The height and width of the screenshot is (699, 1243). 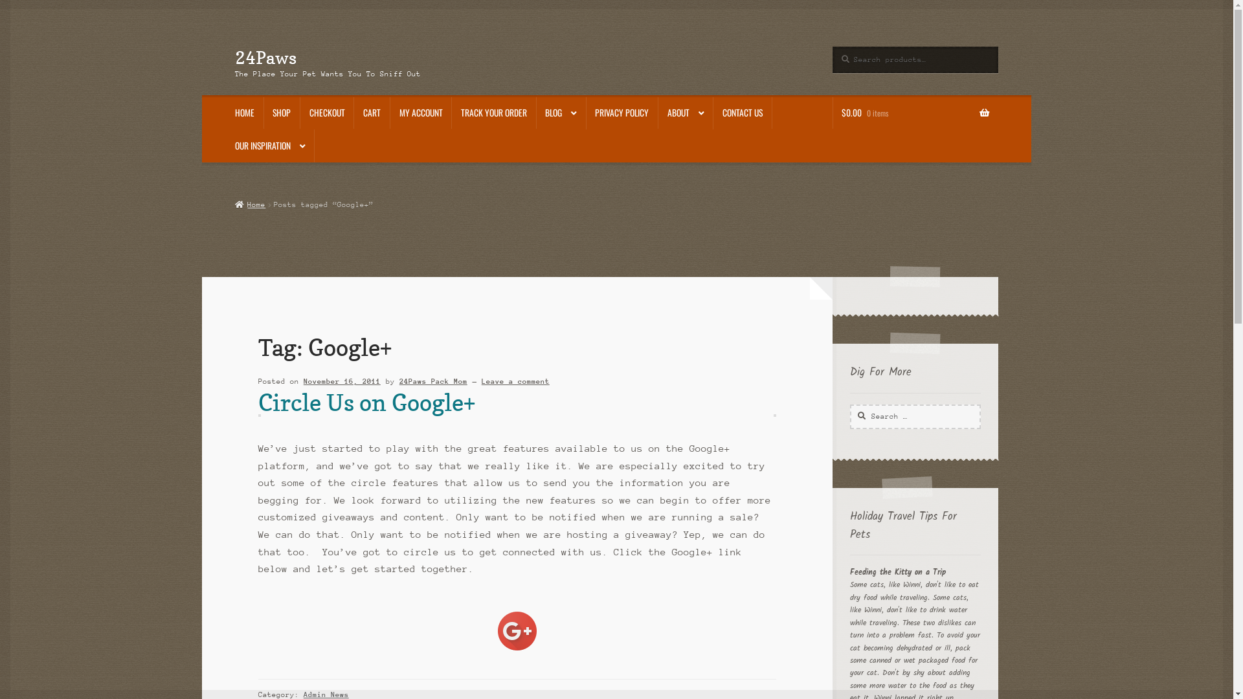 I want to click on 'TRACK YOUR ORDER', so click(x=451, y=112).